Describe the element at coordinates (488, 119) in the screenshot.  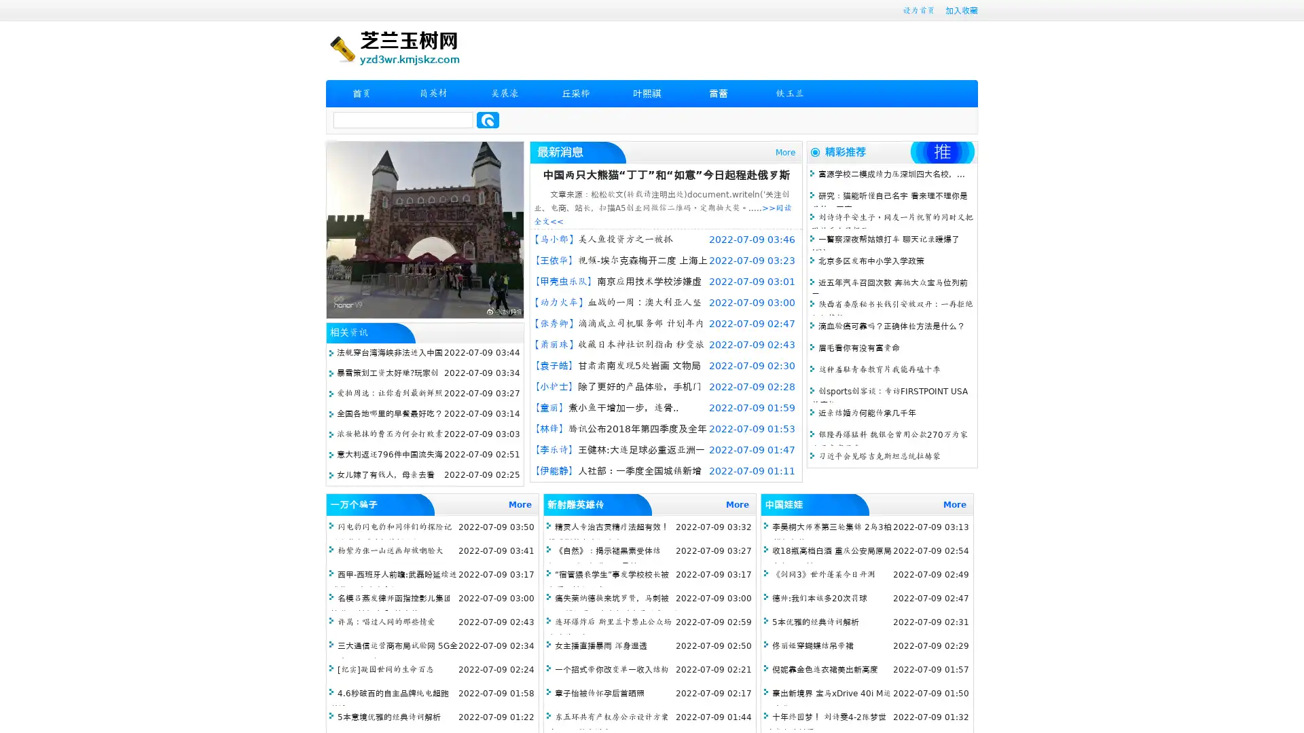
I see `Search` at that location.